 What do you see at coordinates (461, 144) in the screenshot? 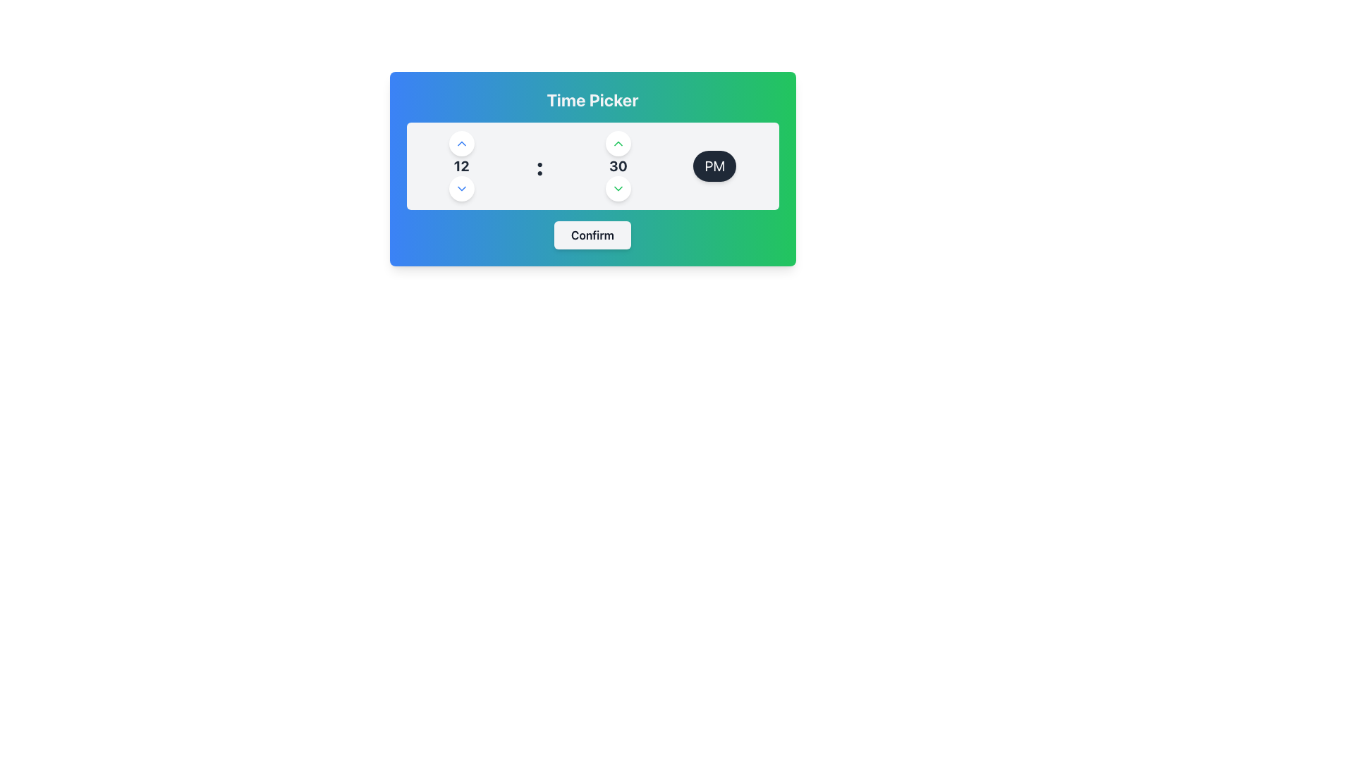
I see `the upward-pointing chevron icon within the circular button in the top row of buttons on the right-hand column of the time picker` at bounding box center [461, 144].